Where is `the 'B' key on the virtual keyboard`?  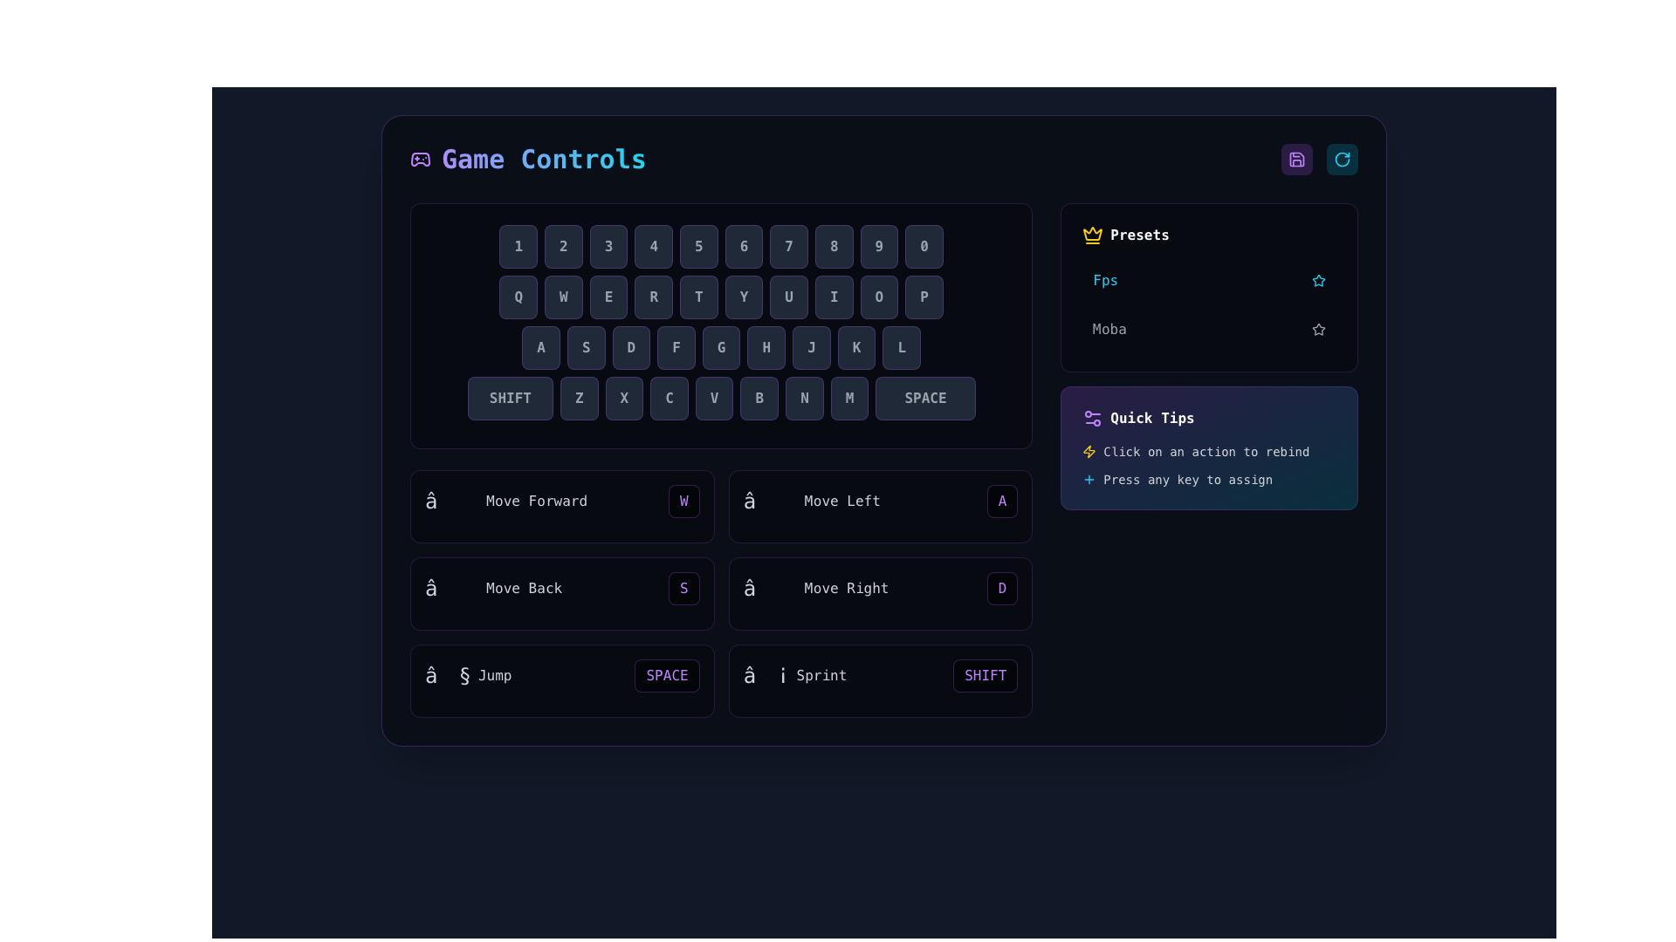
the 'B' key on the virtual keyboard is located at coordinates (759, 398).